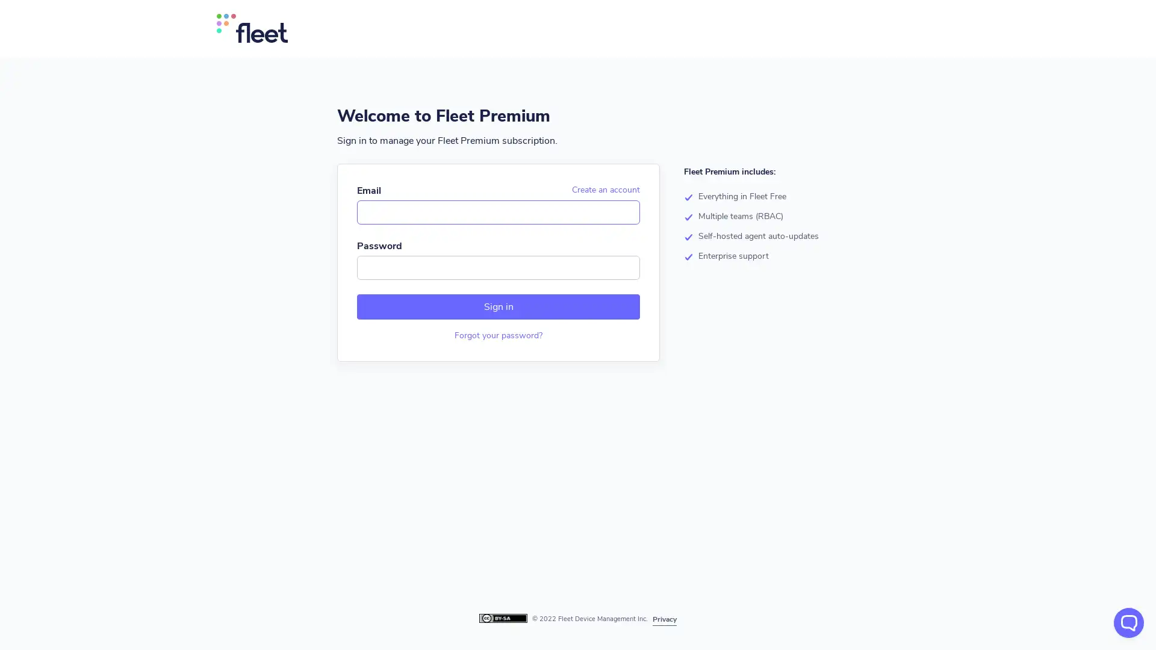  Describe the element at coordinates (498, 306) in the screenshot. I see `Sign in` at that location.